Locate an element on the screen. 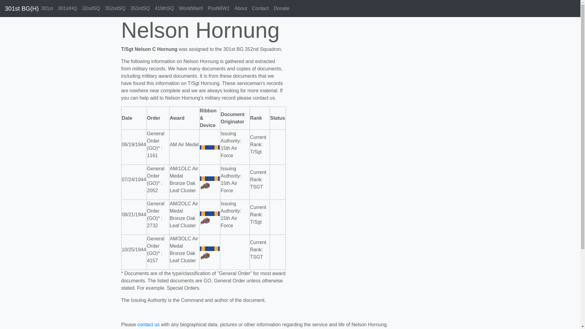 The width and height of the screenshot is (585, 329). 'contact us' is located at coordinates (148, 324).